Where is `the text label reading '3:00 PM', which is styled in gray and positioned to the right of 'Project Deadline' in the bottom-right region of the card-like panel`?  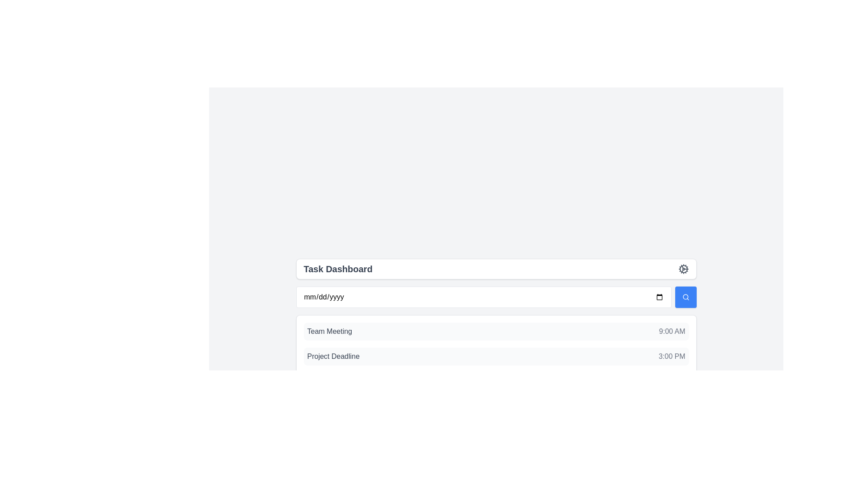
the text label reading '3:00 PM', which is styled in gray and positioned to the right of 'Project Deadline' in the bottom-right region of the card-like panel is located at coordinates (672, 356).